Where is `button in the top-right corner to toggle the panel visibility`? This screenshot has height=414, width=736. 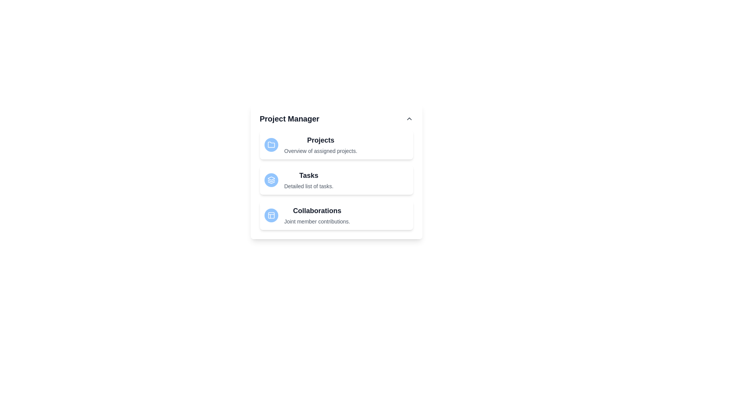
button in the top-right corner to toggle the panel visibility is located at coordinates (409, 118).